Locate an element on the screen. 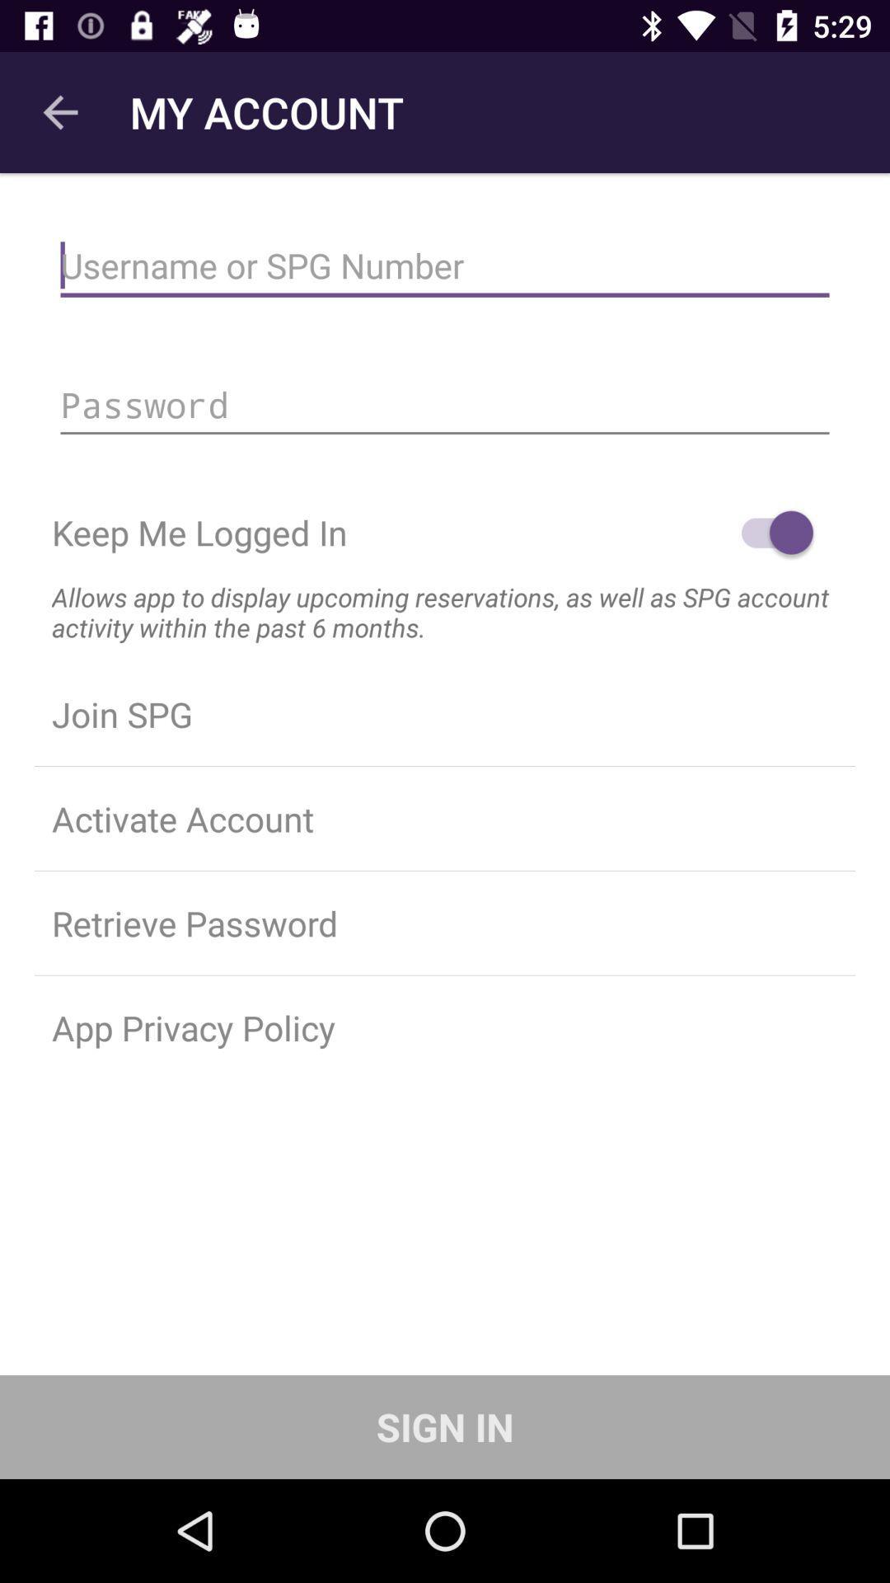 The height and width of the screenshot is (1583, 890). the join spg is located at coordinates (445, 714).